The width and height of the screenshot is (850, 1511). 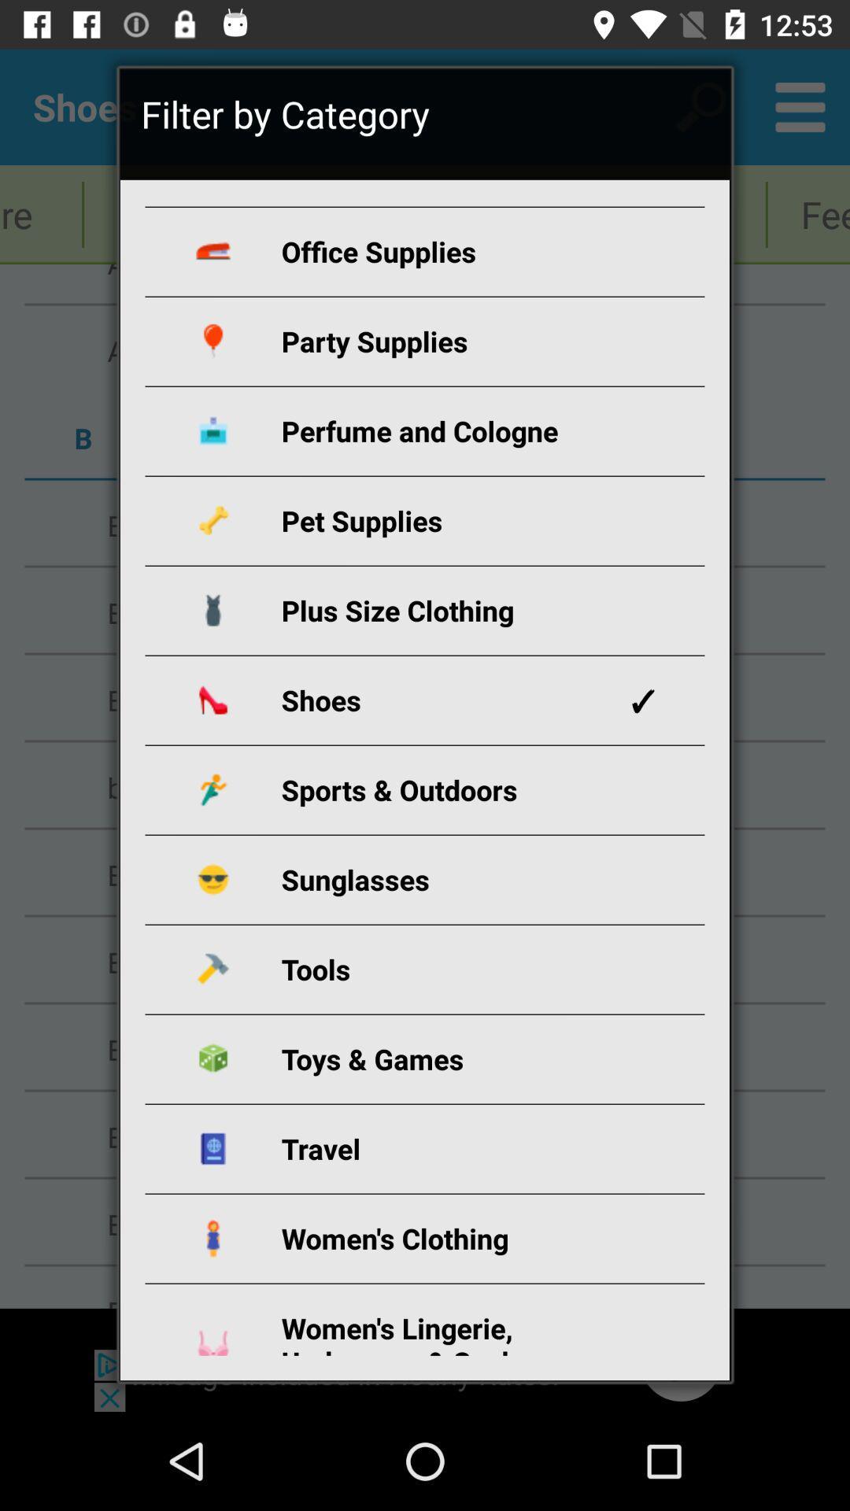 What do you see at coordinates (443, 878) in the screenshot?
I see `the sunglasses app` at bounding box center [443, 878].